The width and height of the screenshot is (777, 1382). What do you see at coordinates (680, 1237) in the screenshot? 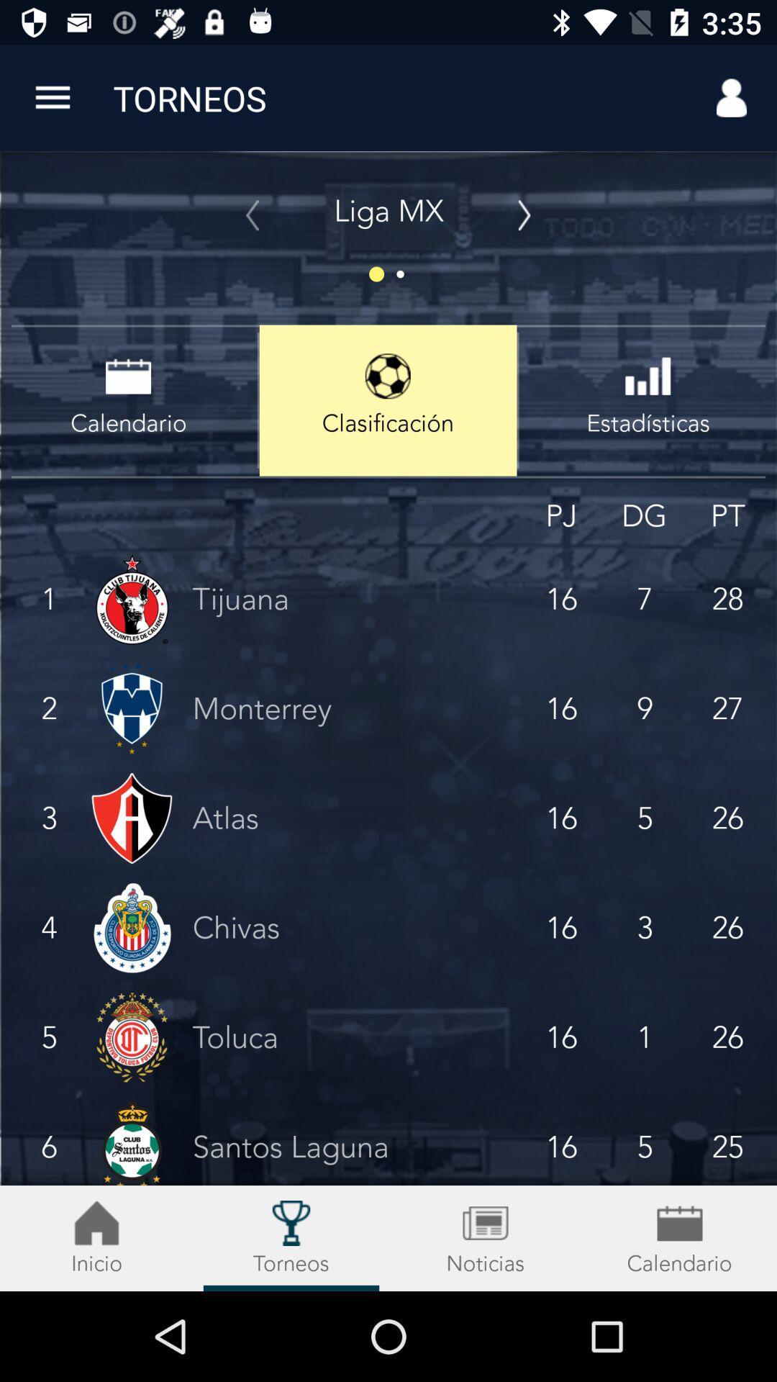
I see `the date_range icon` at bounding box center [680, 1237].